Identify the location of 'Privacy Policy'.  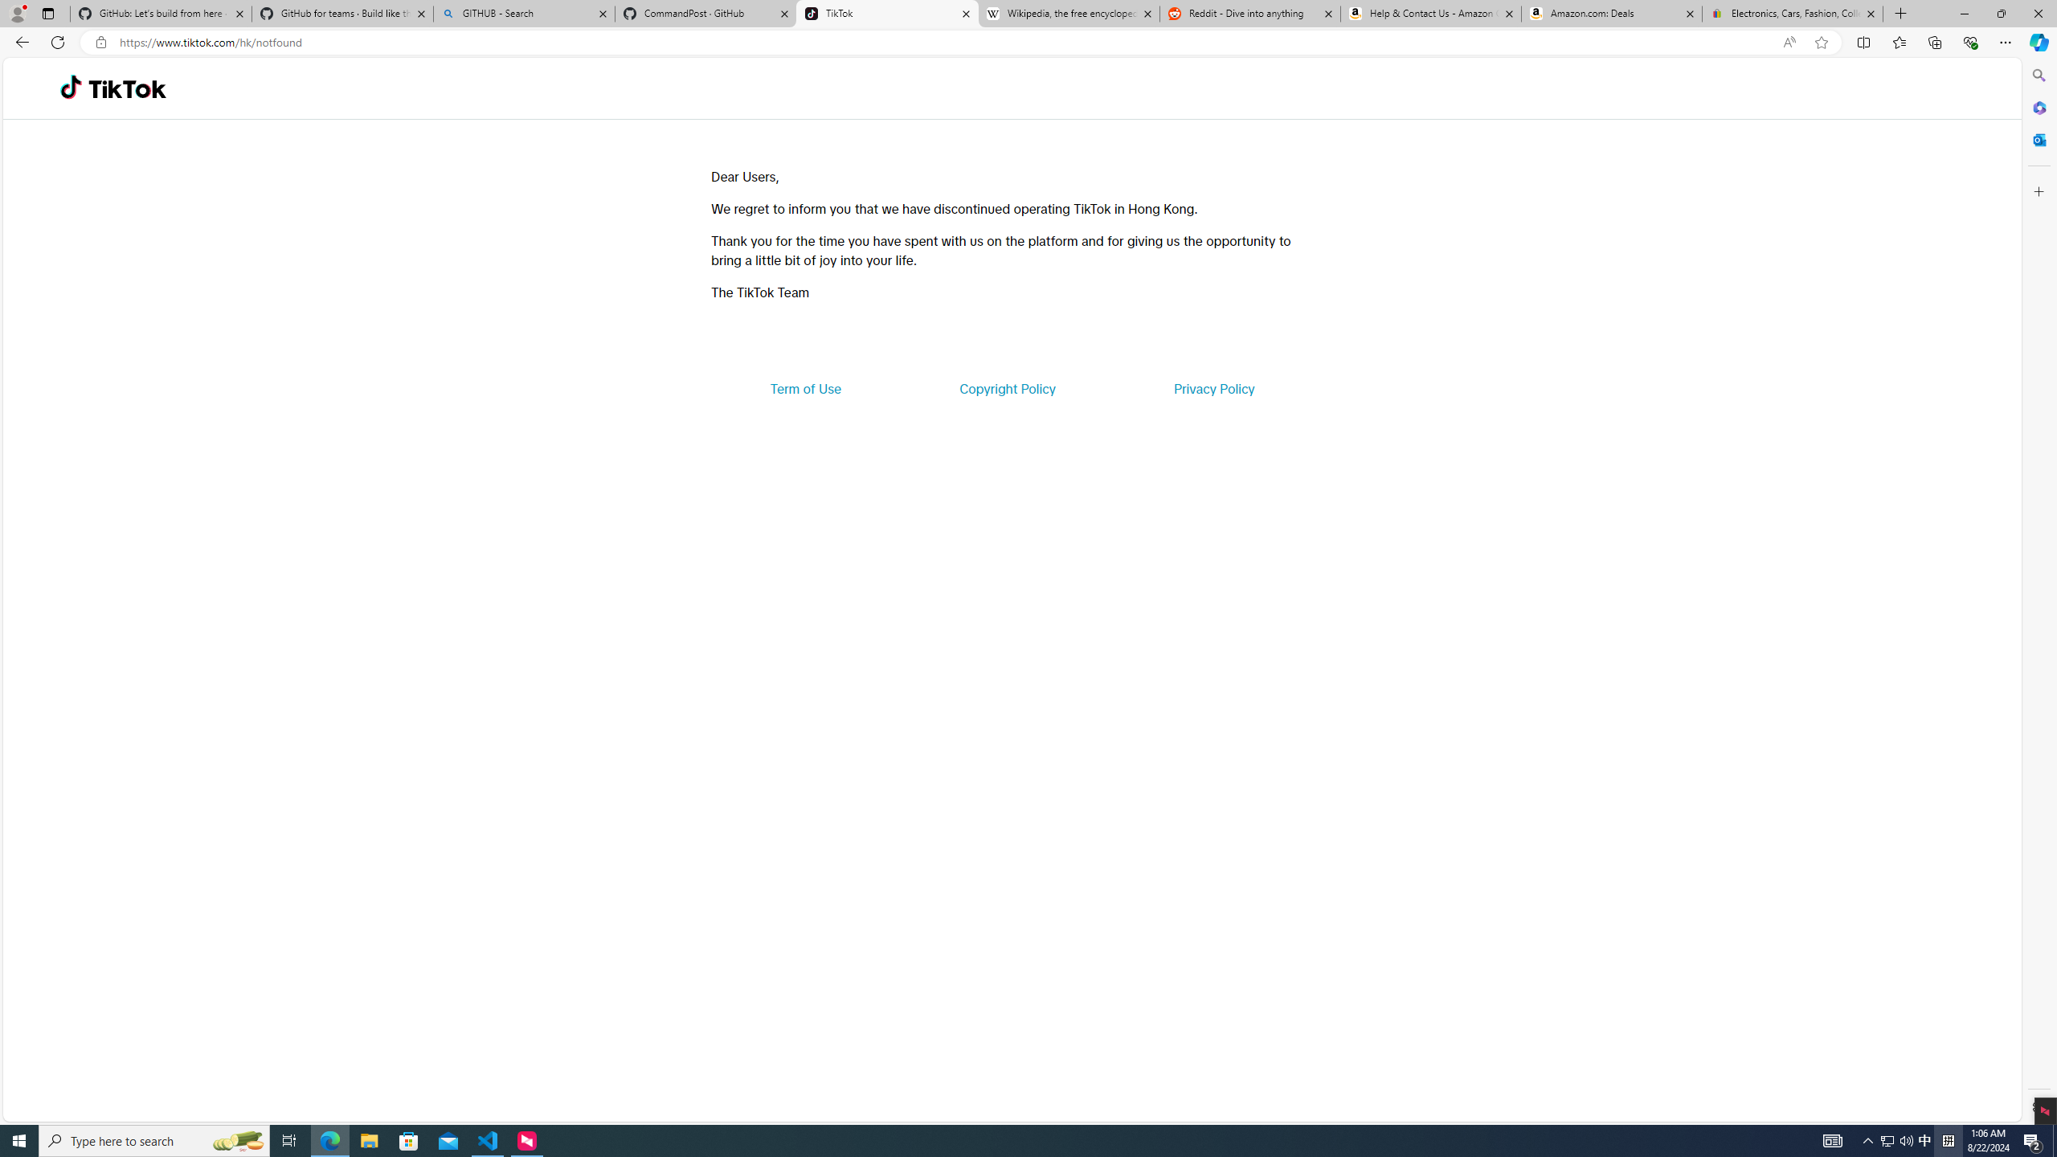
(1213, 387).